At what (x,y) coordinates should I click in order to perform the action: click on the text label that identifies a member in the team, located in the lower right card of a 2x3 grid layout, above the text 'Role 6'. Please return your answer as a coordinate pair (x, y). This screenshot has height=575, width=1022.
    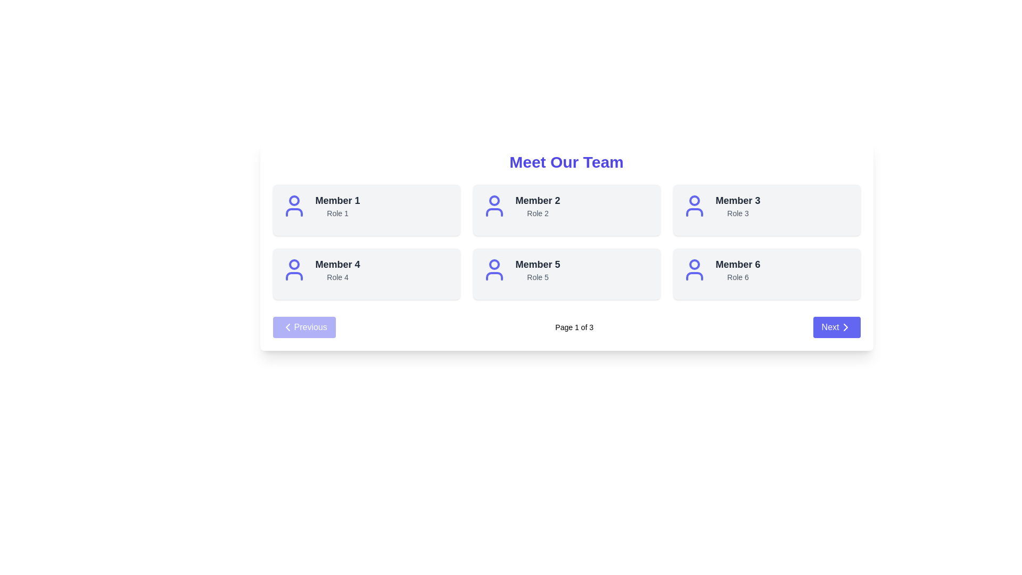
    Looking at the image, I should click on (737, 264).